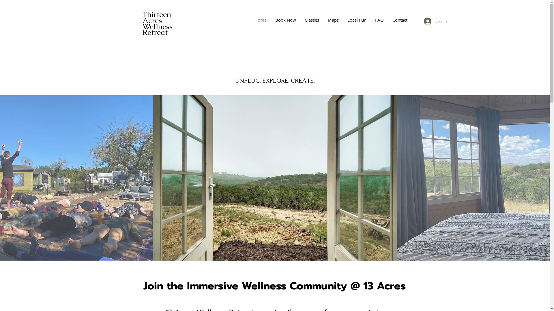 This screenshot has height=311, width=554. Describe the element at coordinates (157, 14) in the screenshot. I see `'Thirteen'` at that location.